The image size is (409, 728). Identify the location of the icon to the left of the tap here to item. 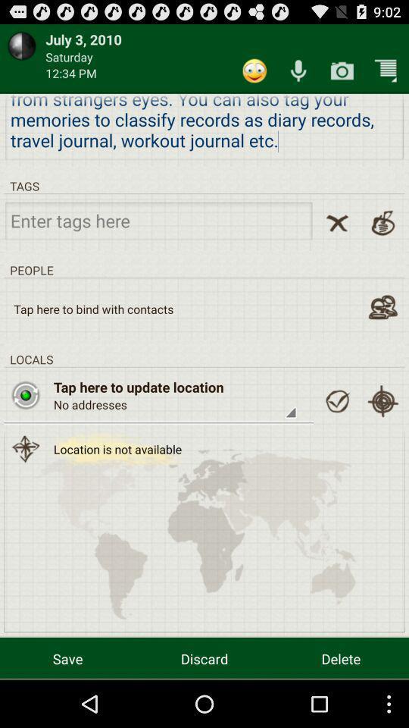
(25, 394).